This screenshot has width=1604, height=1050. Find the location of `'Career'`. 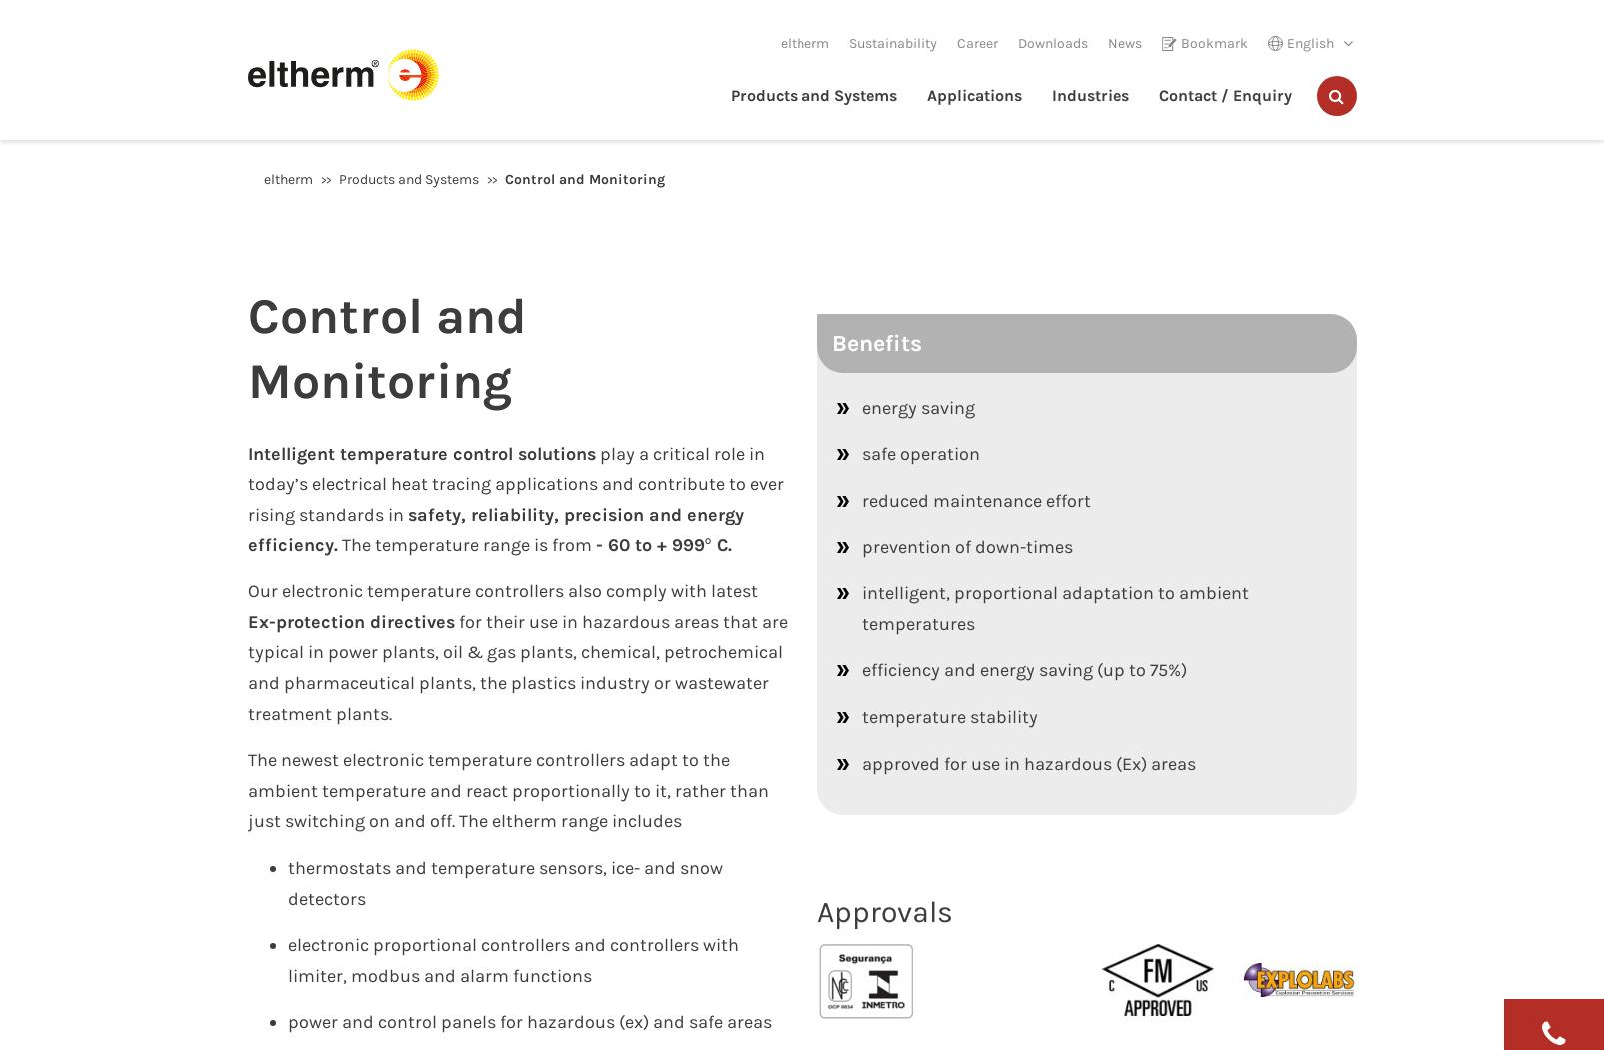

'Career' is located at coordinates (956, 41).